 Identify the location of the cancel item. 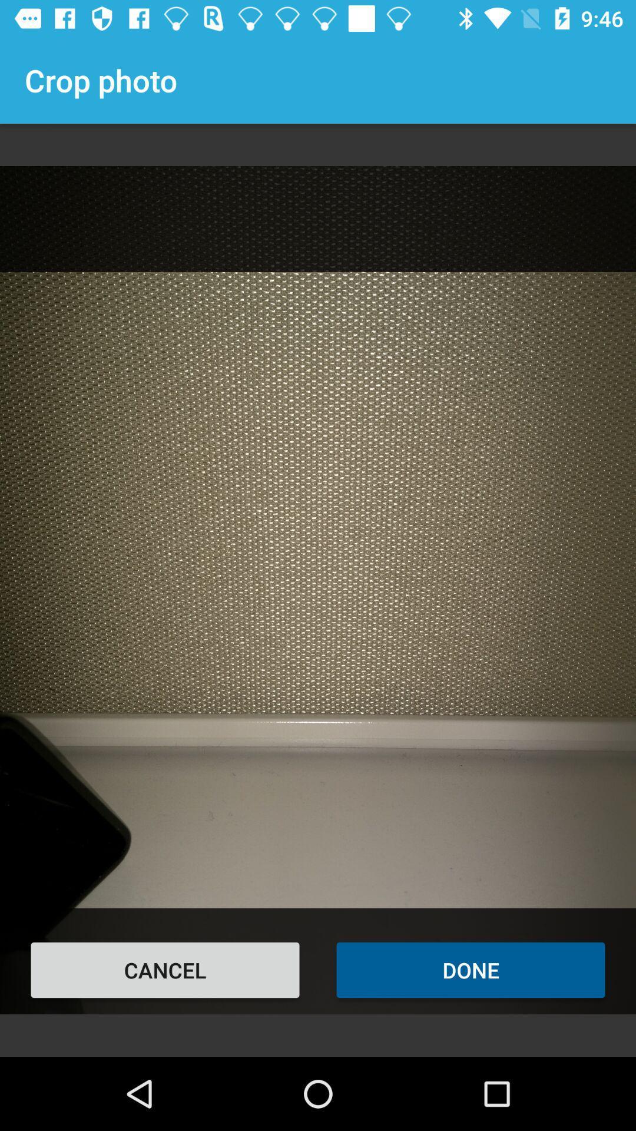
(165, 970).